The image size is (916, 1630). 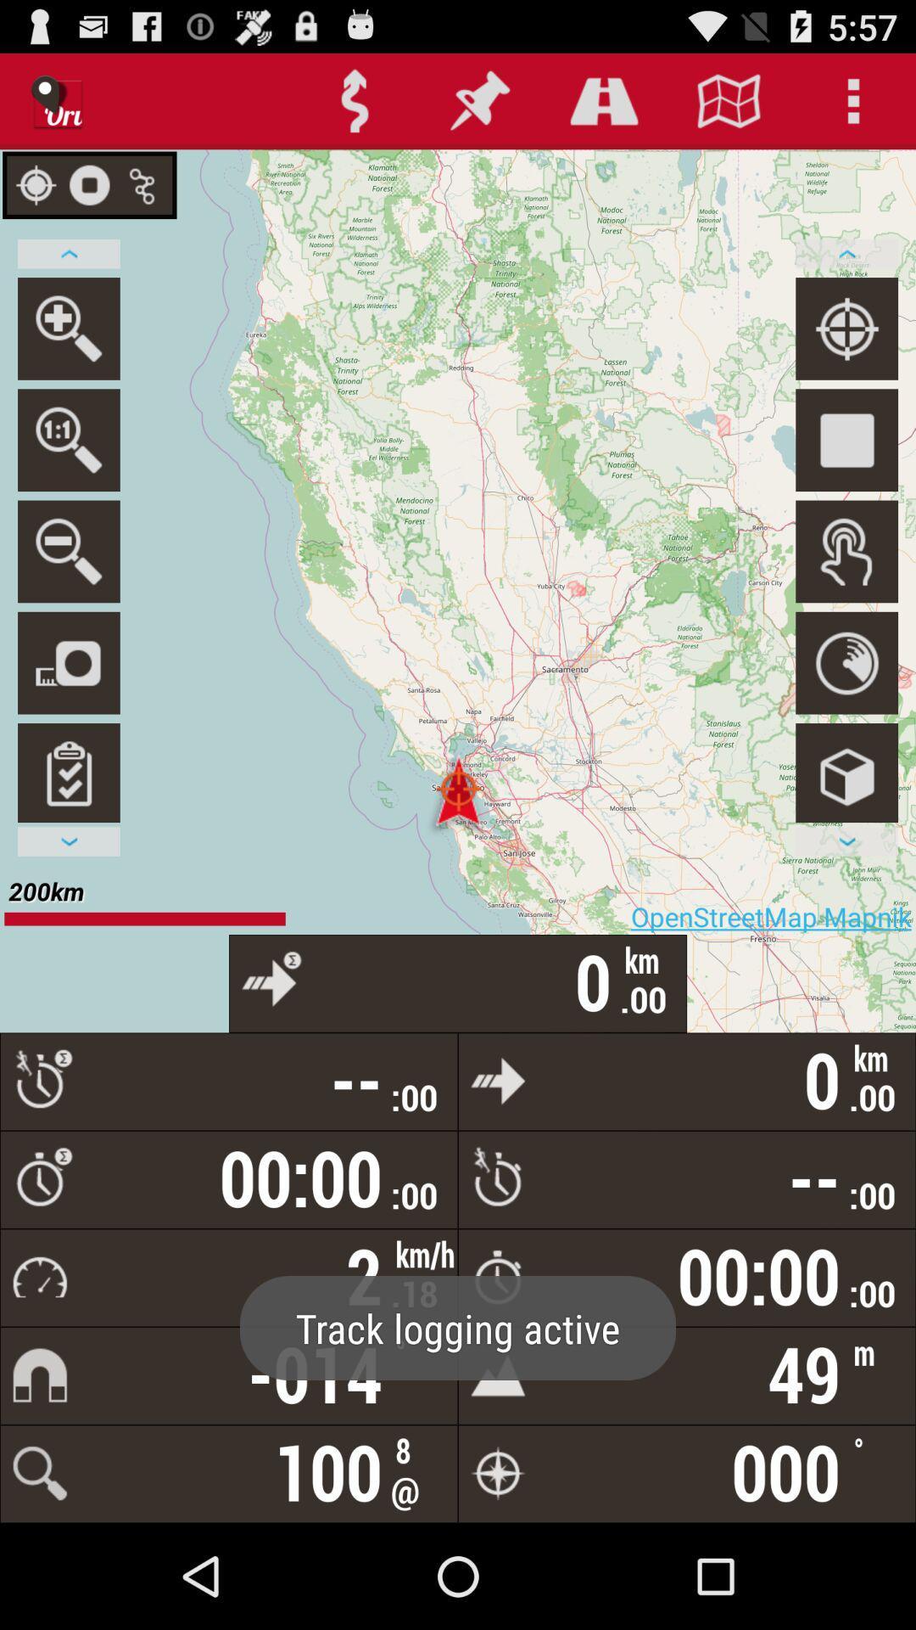 What do you see at coordinates (68, 827) in the screenshot?
I see `the check icon` at bounding box center [68, 827].